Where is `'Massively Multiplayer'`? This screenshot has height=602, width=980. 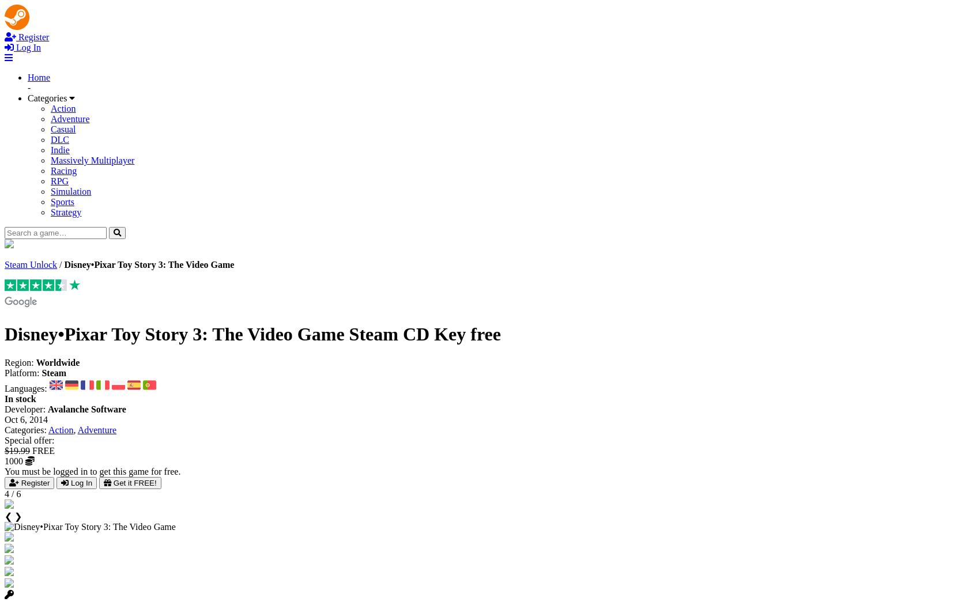
'Massively Multiplayer' is located at coordinates (92, 160).